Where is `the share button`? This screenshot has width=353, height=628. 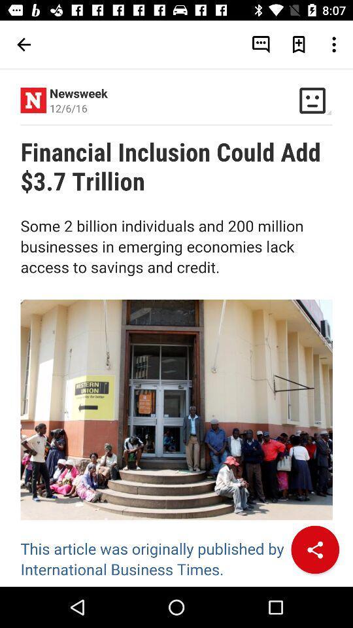
the share button is located at coordinates (314, 549).